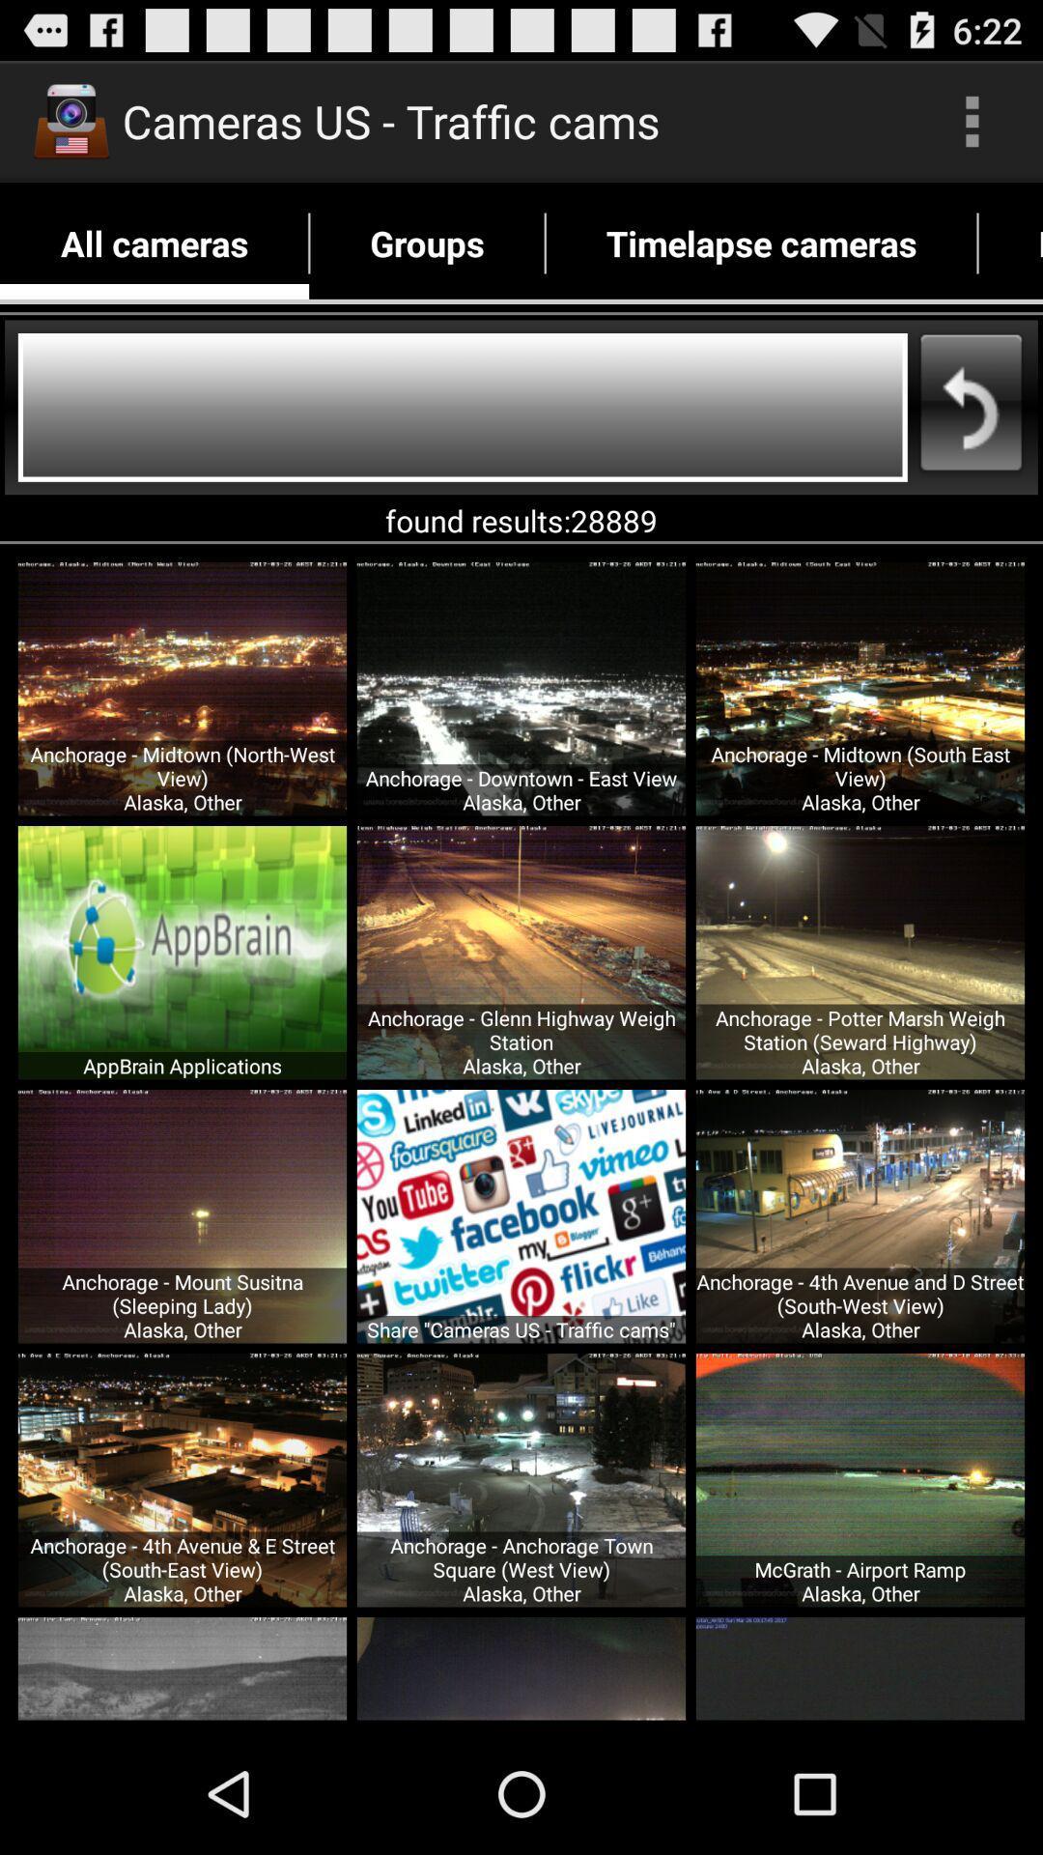 The height and width of the screenshot is (1855, 1043). I want to click on the image first row second image, so click(521, 689).